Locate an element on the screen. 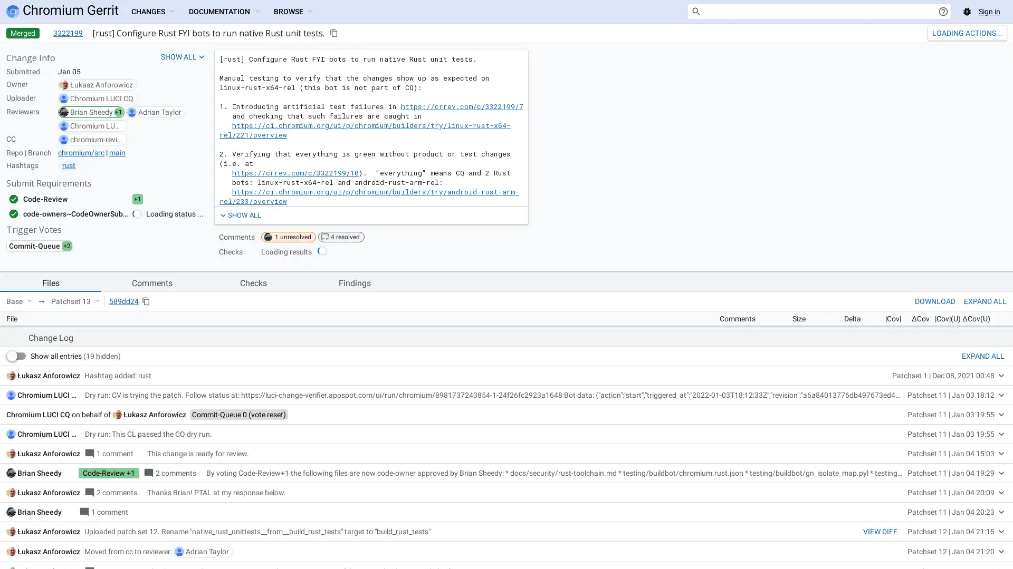 This screenshot has width=1013, height=569. CREATE RELAND is located at coordinates (957, 32).